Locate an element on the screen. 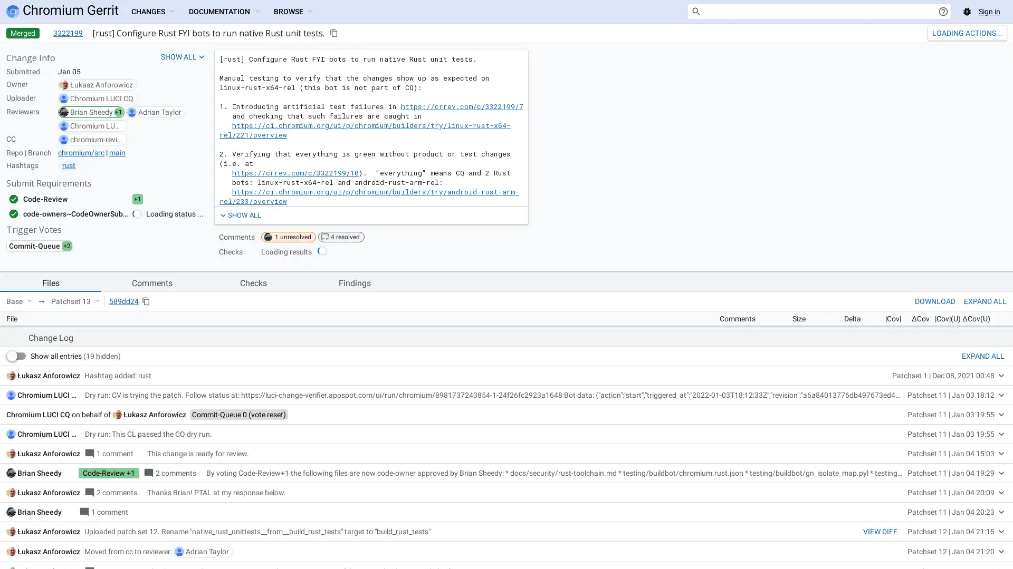 This screenshot has width=1013, height=569. CREATE RELAND is located at coordinates (957, 32).